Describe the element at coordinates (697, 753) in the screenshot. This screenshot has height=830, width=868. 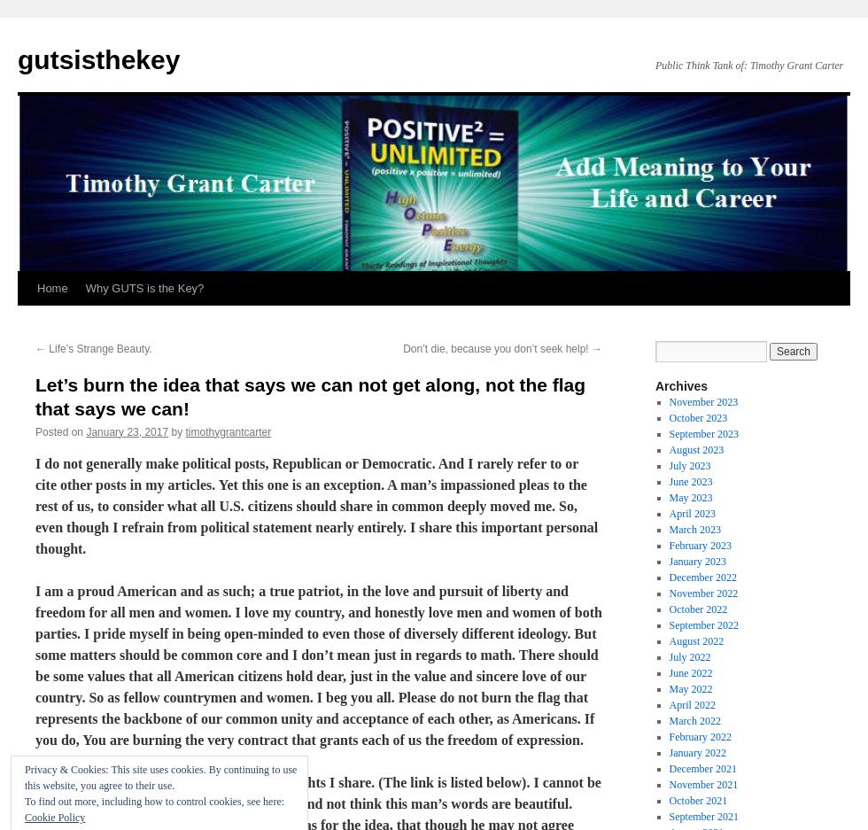
I see `'January 2022'` at that location.